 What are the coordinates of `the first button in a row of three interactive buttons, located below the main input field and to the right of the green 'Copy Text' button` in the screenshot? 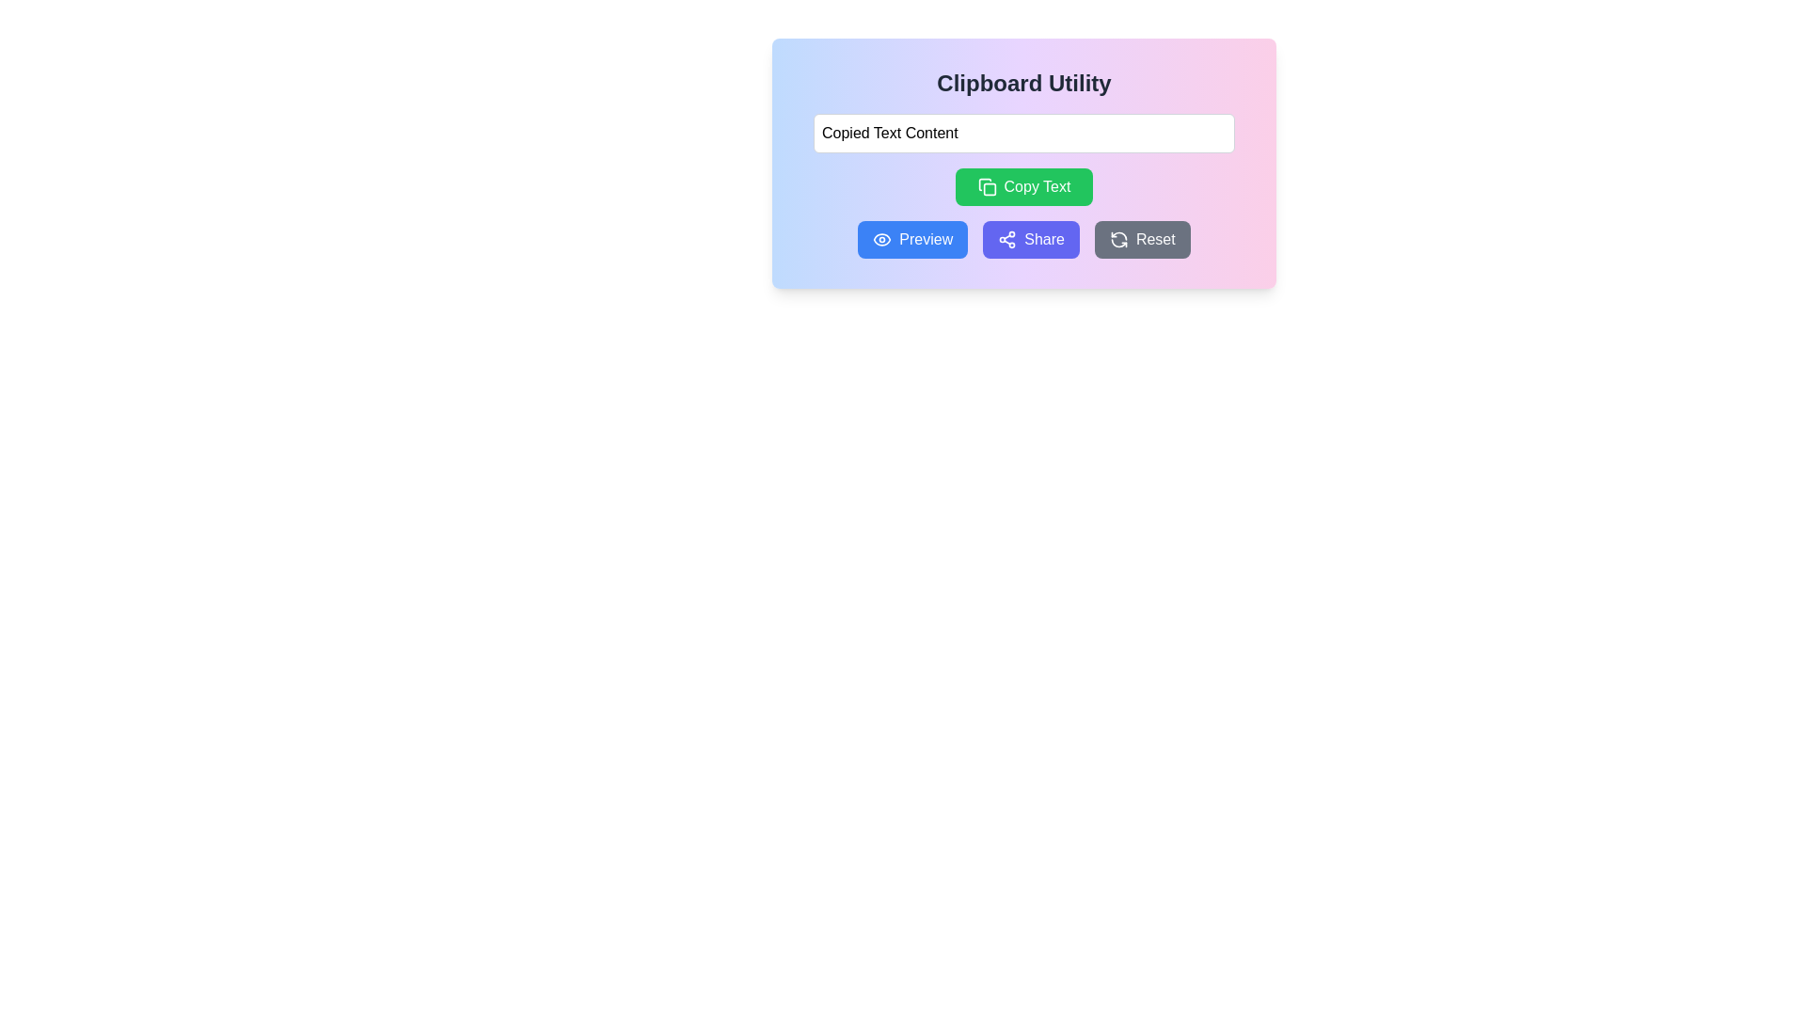 It's located at (912, 238).